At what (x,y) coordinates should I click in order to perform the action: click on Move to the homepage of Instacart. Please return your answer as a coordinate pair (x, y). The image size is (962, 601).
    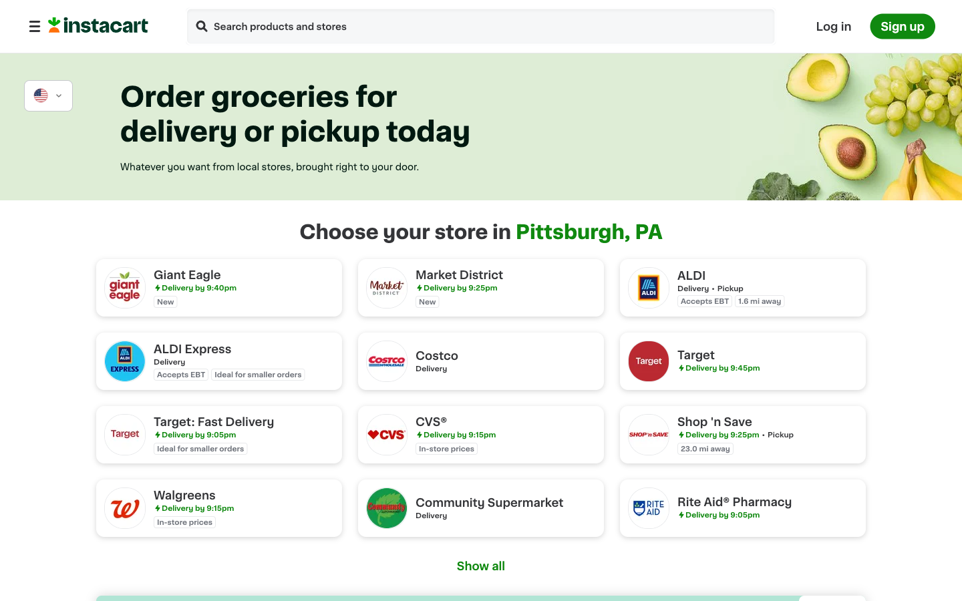
    Looking at the image, I should click on (98, 29).